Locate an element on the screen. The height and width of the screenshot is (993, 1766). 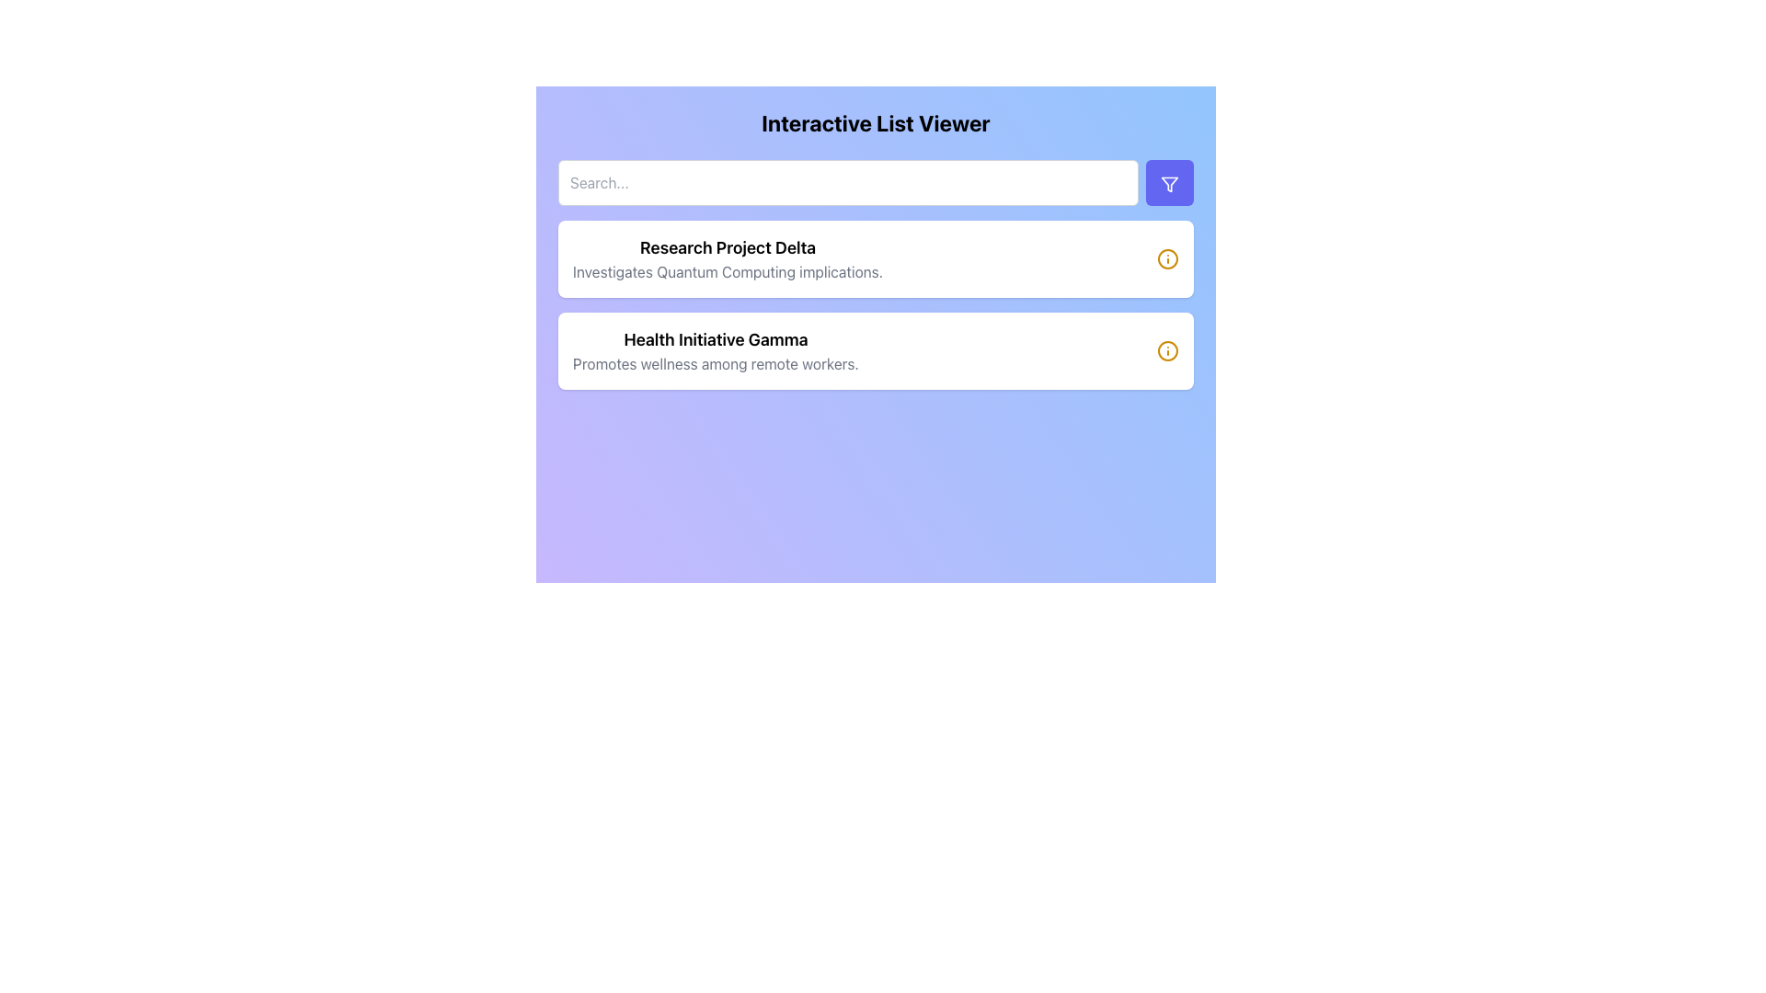
the header text 'Interactive List Viewer' which is prominently displayed at the top of the page is located at coordinates (875, 133).